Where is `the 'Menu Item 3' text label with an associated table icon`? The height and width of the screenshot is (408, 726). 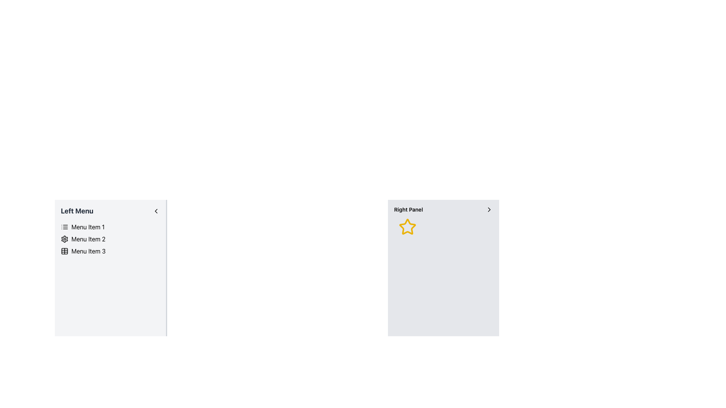
the 'Menu Item 3' text label with an associated table icon is located at coordinates (88, 251).